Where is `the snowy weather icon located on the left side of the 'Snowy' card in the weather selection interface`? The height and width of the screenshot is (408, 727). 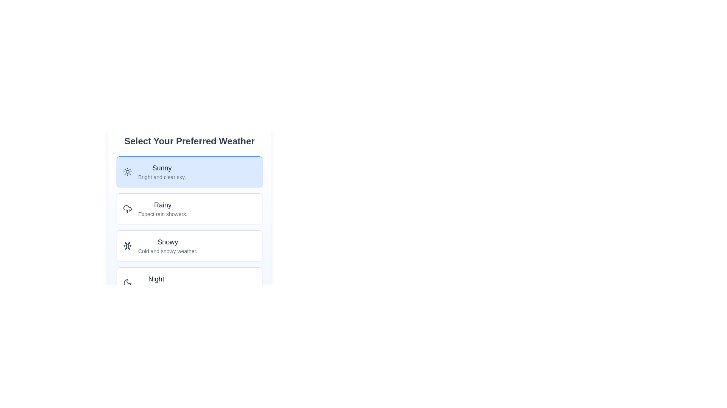 the snowy weather icon located on the left side of the 'Snowy' card in the weather selection interface is located at coordinates (127, 246).